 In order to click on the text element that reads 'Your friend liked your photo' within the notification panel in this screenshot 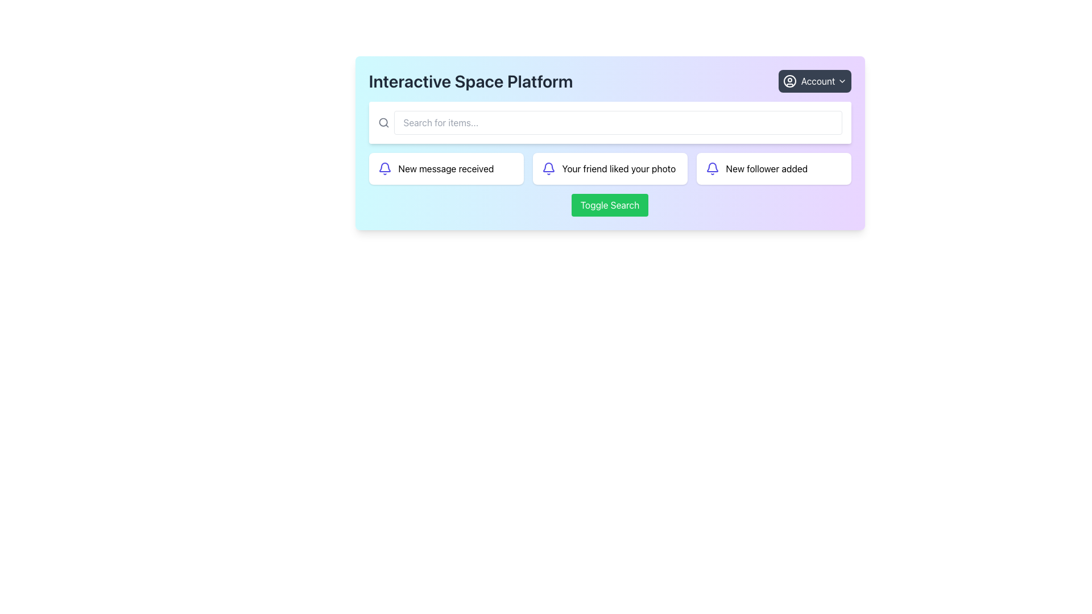, I will do `click(618, 169)`.